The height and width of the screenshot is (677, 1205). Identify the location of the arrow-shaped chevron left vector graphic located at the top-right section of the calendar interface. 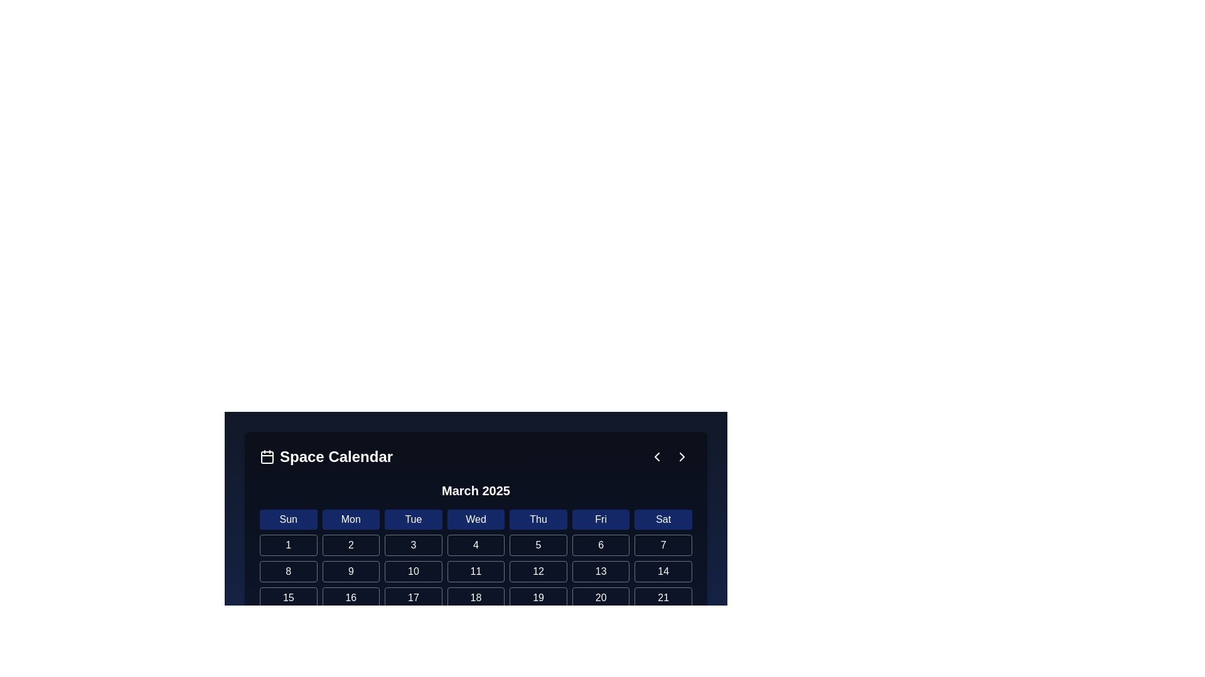
(656, 457).